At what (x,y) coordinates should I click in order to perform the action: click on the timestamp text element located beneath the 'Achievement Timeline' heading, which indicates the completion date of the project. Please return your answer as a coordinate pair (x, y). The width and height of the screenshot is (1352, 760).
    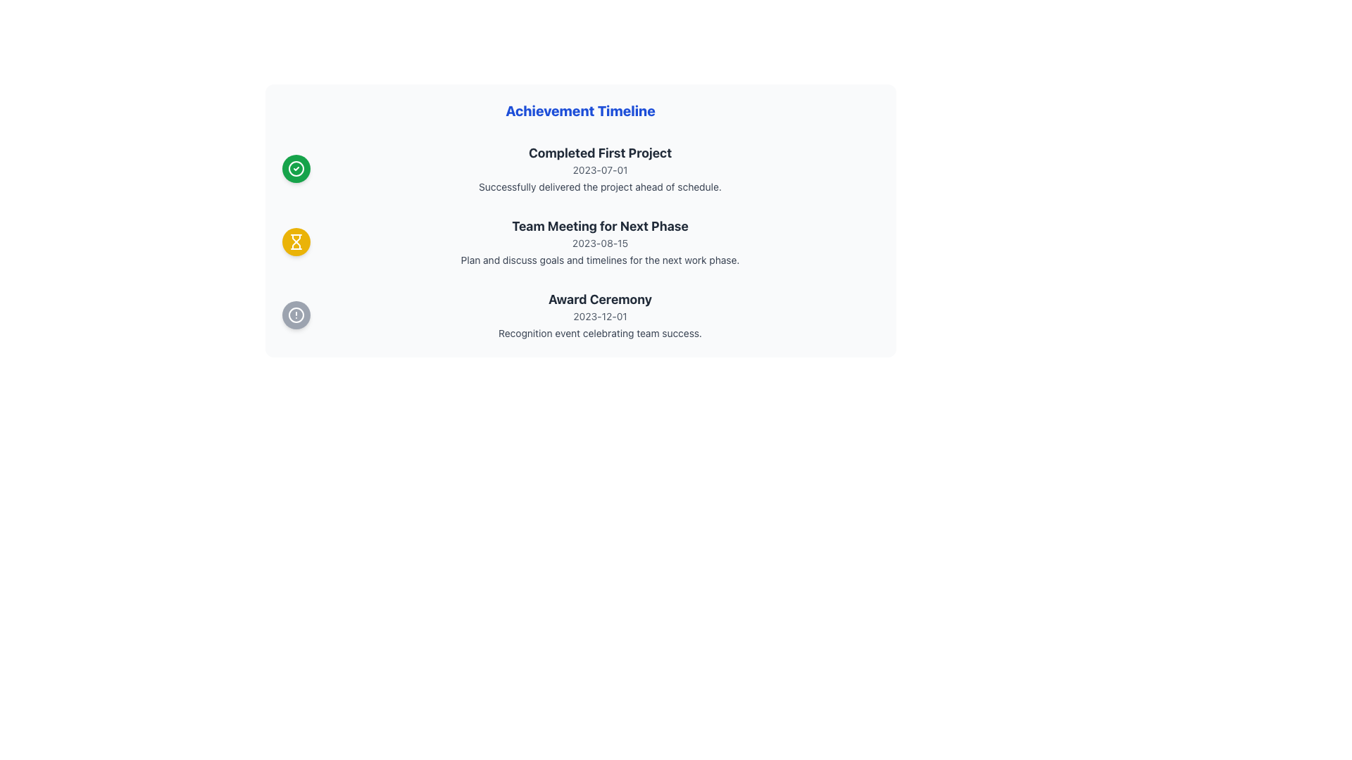
    Looking at the image, I should click on (600, 170).